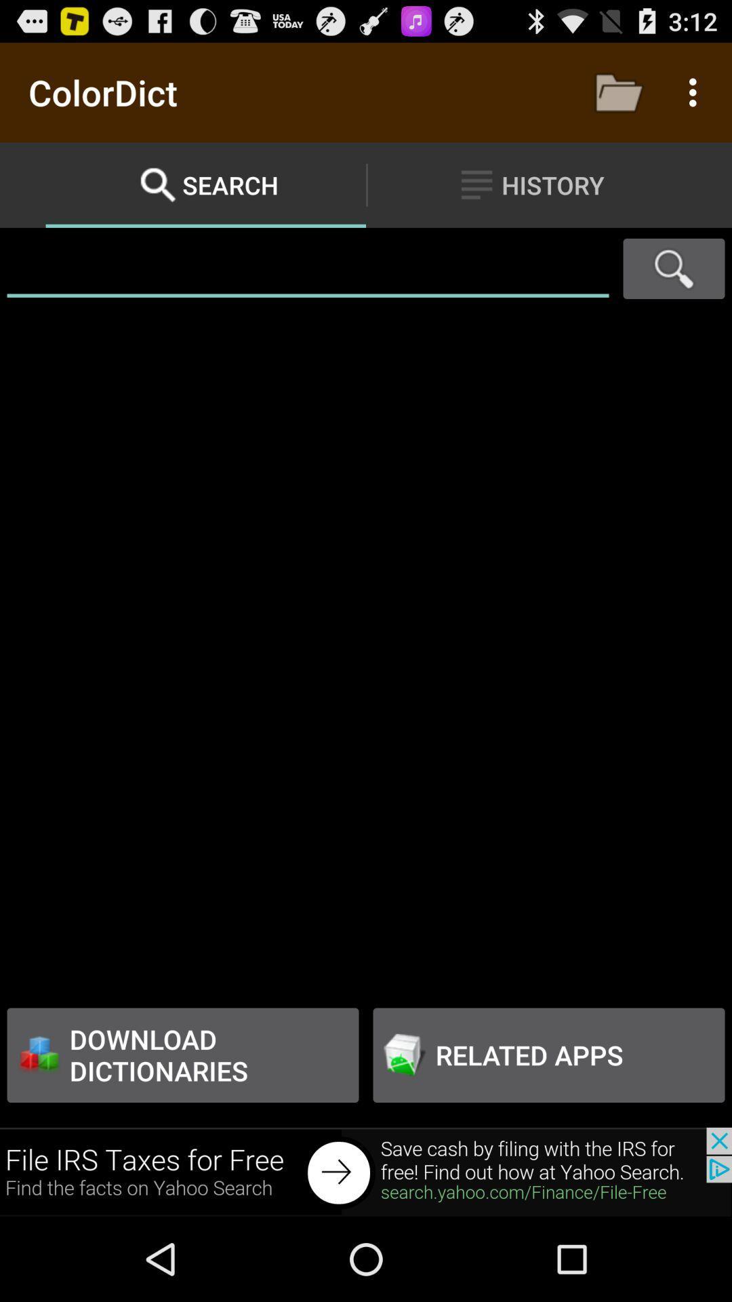  Describe the element at coordinates (674, 269) in the screenshot. I see `search pages` at that location.